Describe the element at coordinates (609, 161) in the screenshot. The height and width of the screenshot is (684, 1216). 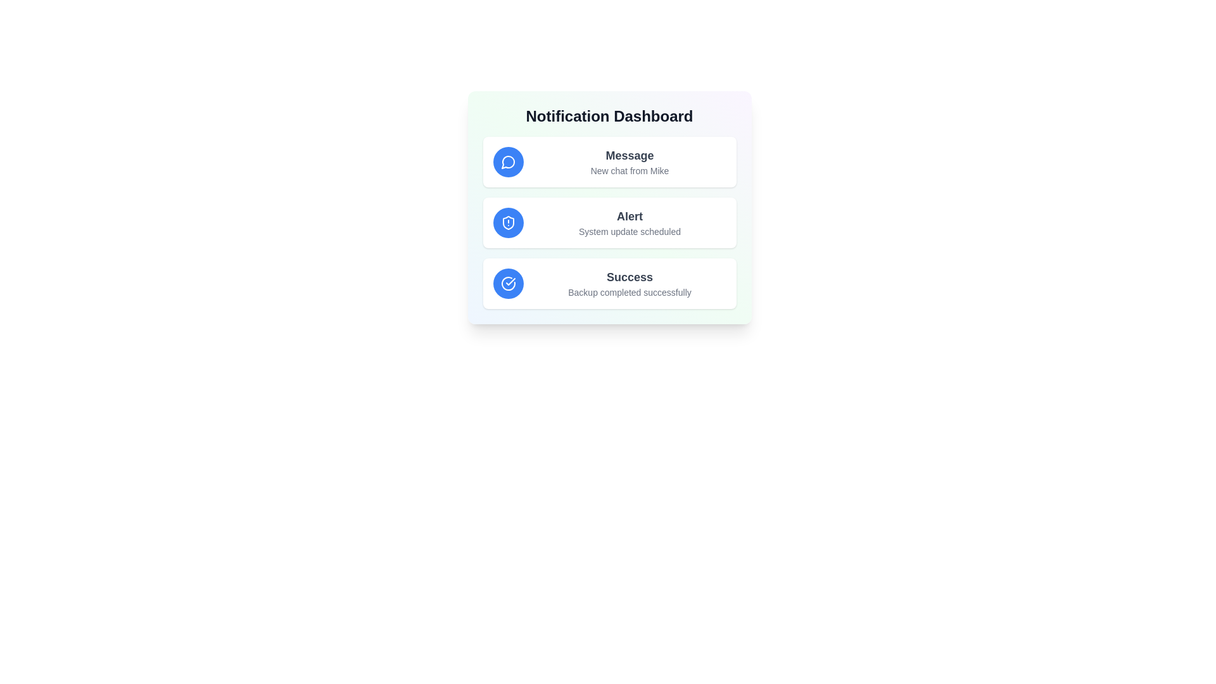
I see `the notification item Message` at that location.